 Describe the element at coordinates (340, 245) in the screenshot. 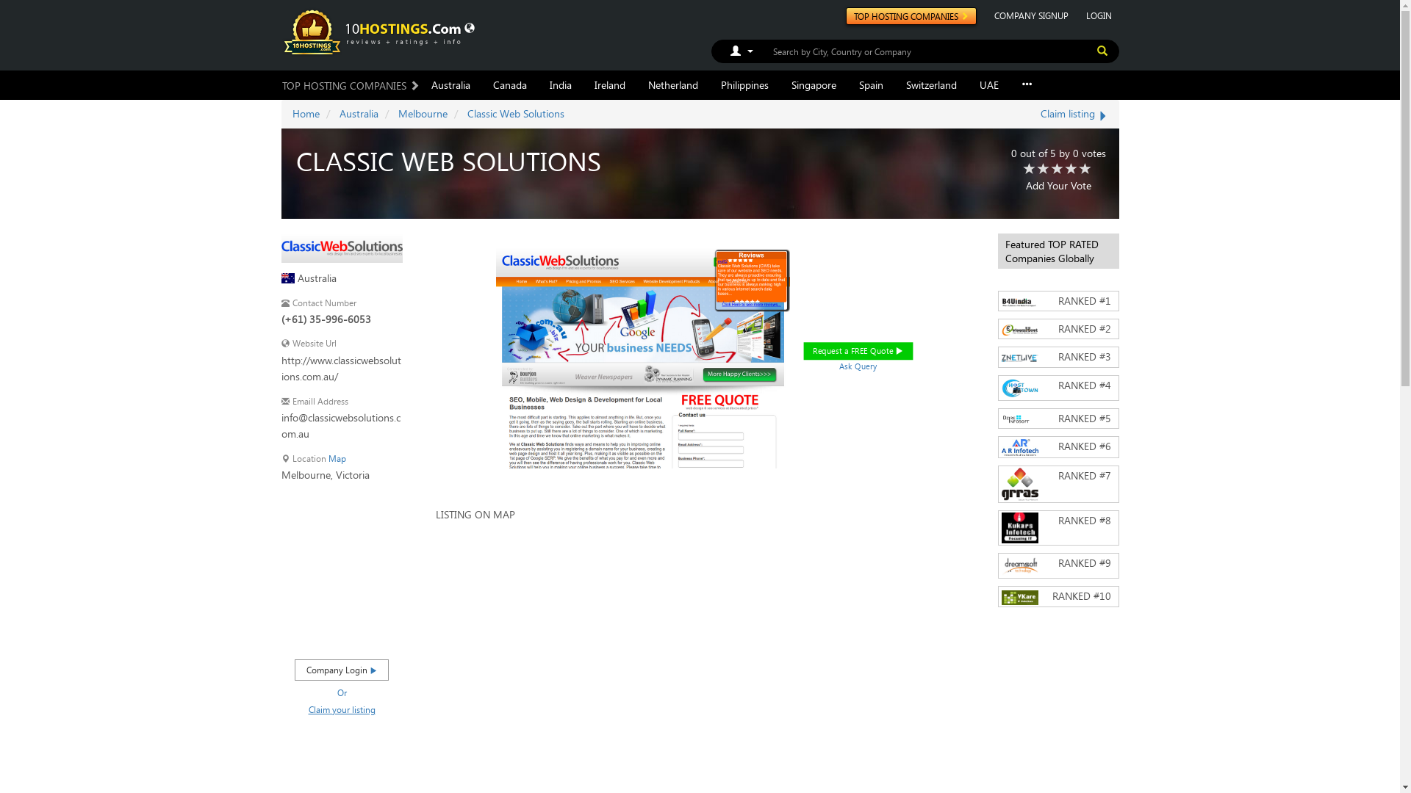

I see `'Visit Classic Web Solutions'` at that location.